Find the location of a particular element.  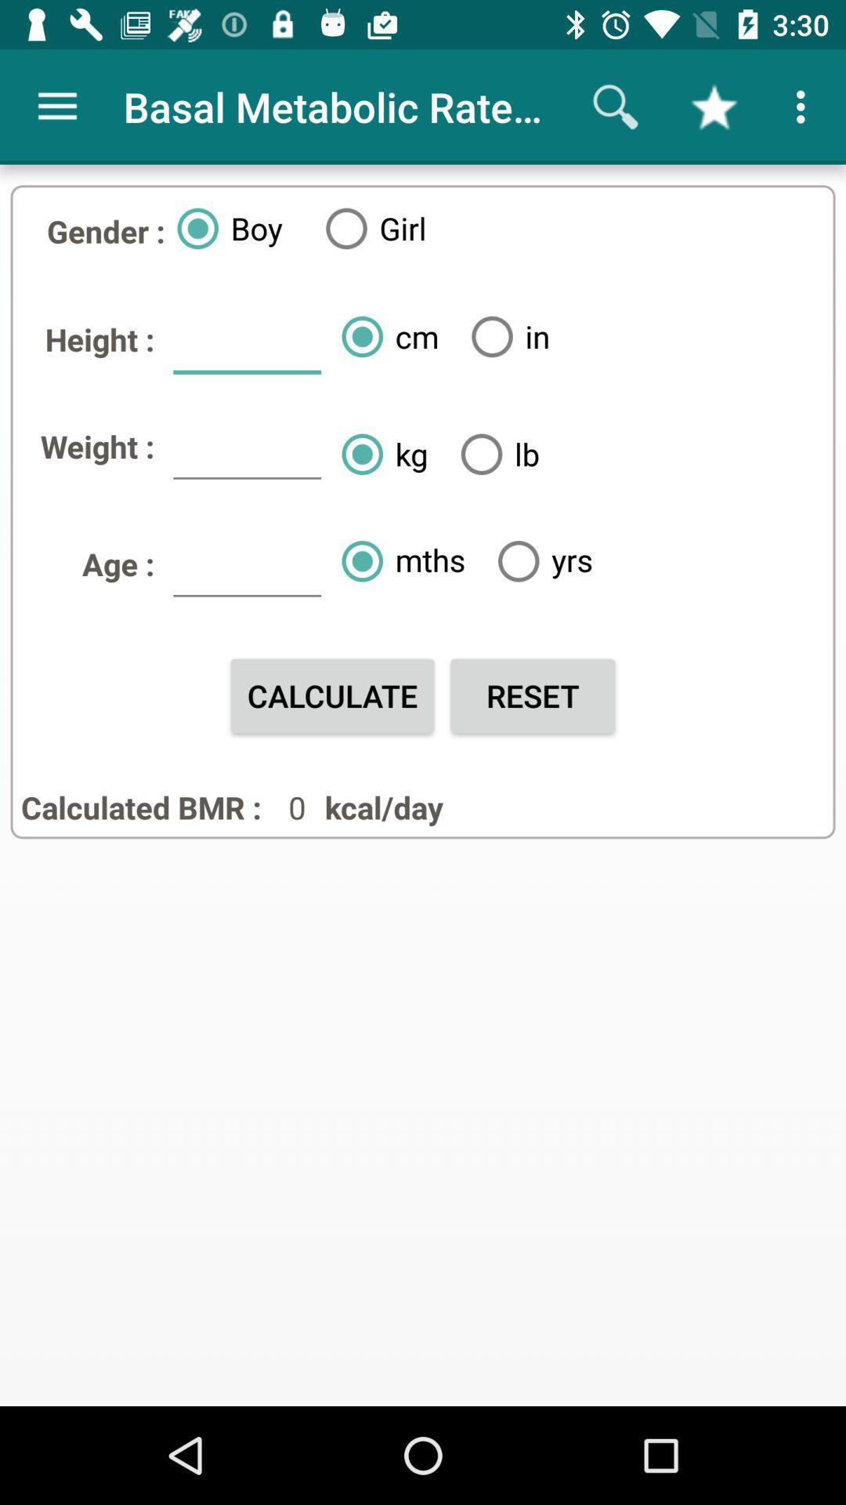

icon next to weight : item is located at coordinates (247, 452).